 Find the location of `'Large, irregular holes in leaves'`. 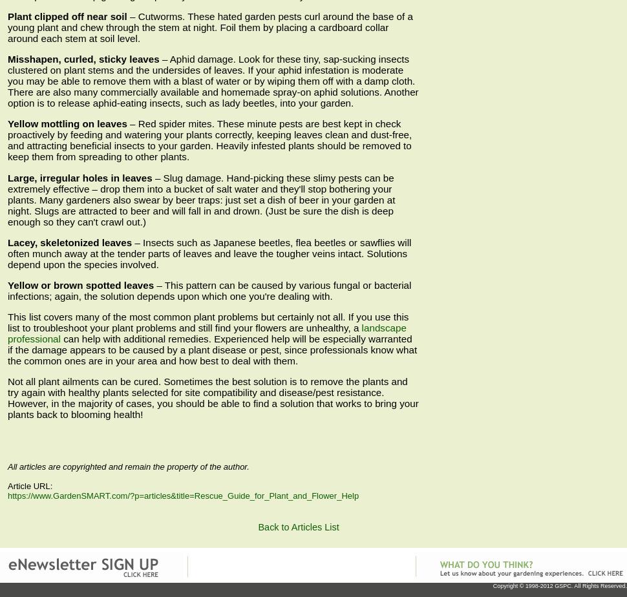

'Large, irregular holes in leaves' is located at coordinates (80, 177).